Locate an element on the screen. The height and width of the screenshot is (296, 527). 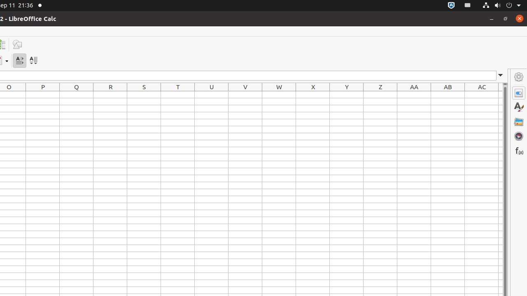
'U1' is located at coordinates (212, 94).